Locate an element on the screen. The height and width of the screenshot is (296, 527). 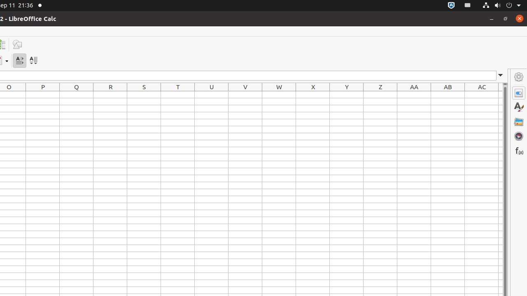
'U1' is located at coordinates (212, 94).